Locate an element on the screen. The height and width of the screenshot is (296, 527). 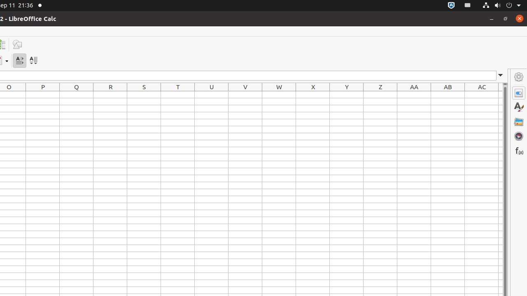
'U1' is located at coordinates (212, 94).